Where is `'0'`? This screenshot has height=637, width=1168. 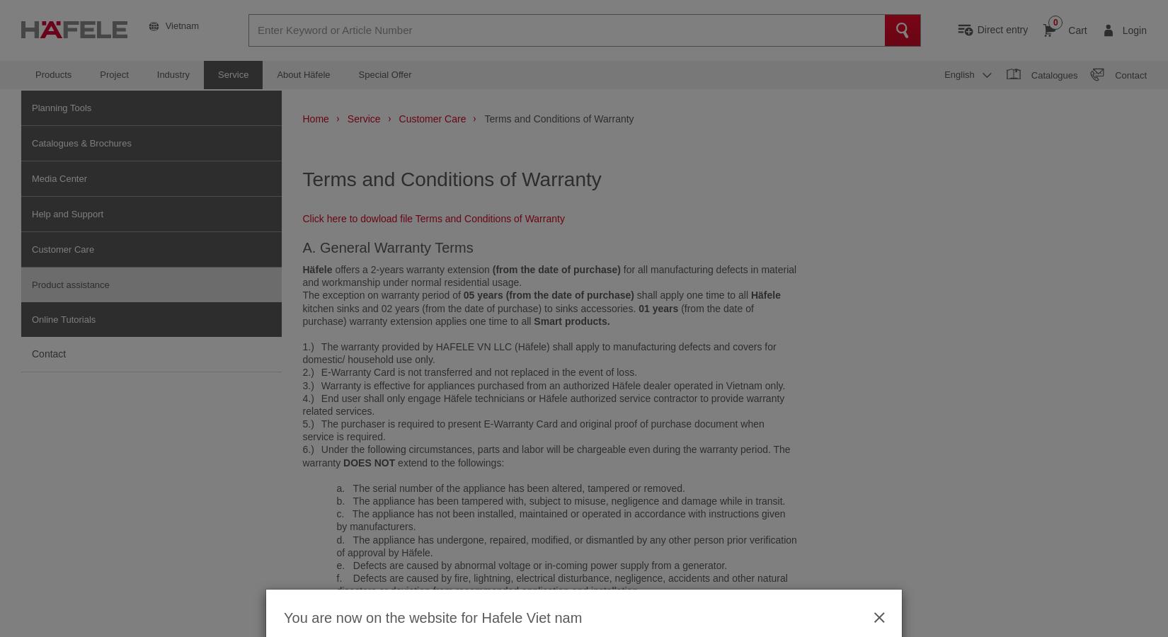
'0' is located at coordinates (1054, 22).